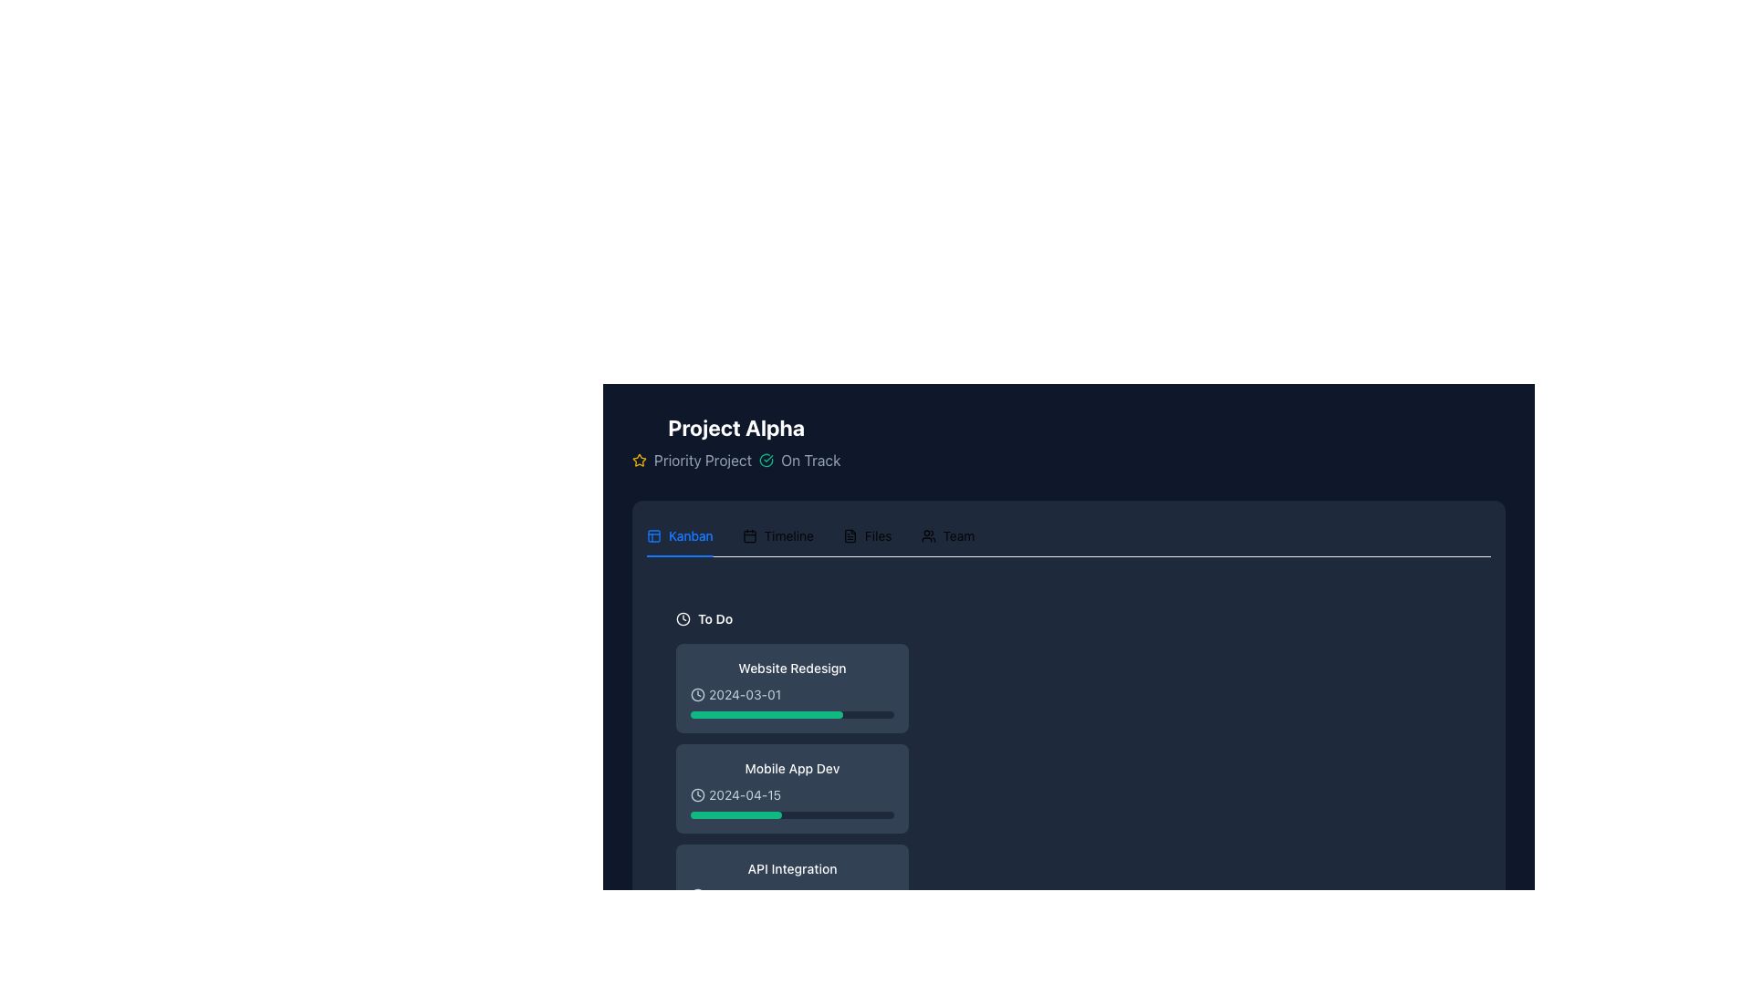 Image resolution: width=1752 pixels, height=985 pixels. Describe the element at coordinates (766, 713) in the screenshot. I see `the green progress bar segment that is 75% filled, located under the 'Mobile App Dev' task within a card-like structure` at that location.